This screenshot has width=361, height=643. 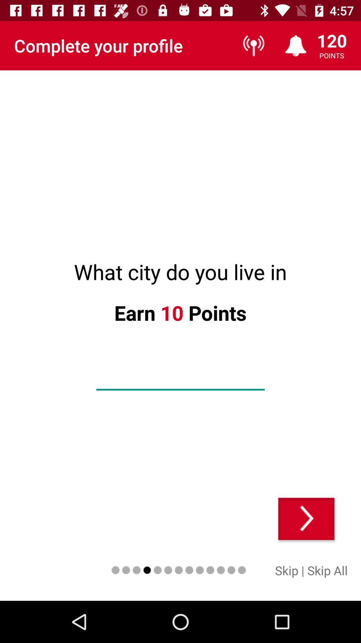 I want to click on continue, so click(x=306, y=518).